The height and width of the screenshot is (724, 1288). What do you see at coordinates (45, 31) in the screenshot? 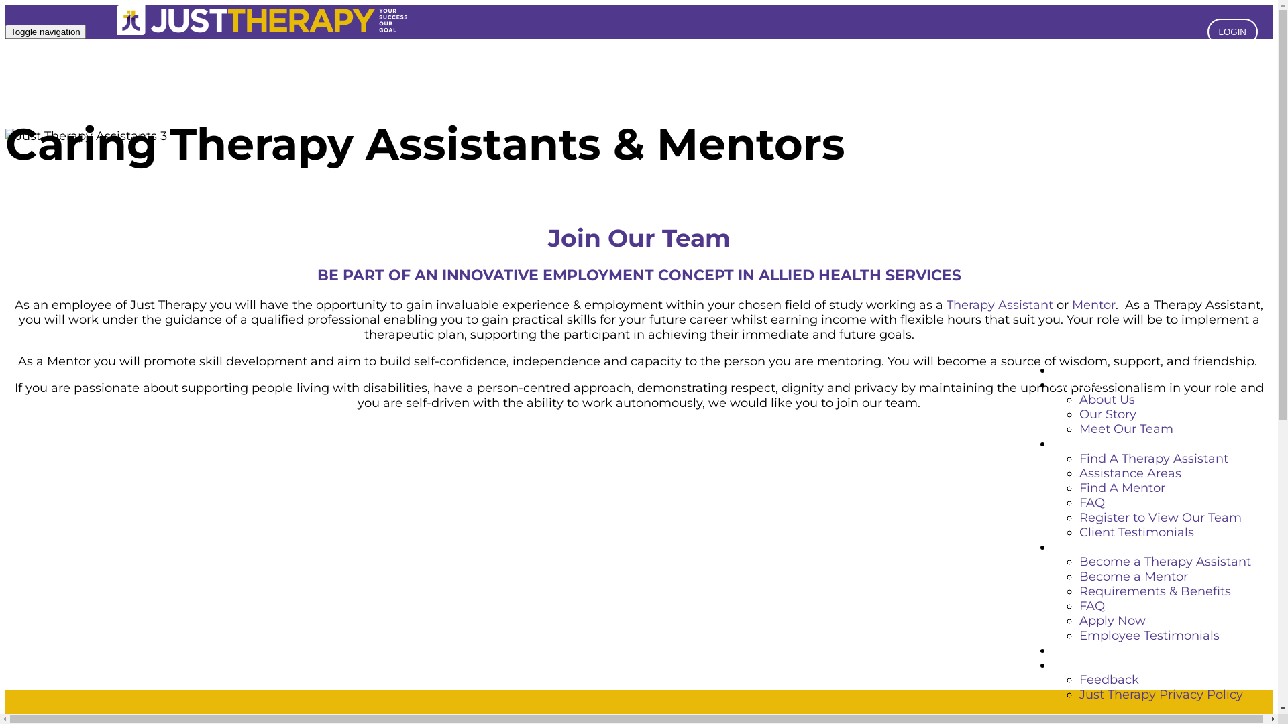
I see `'Toggle navigation'` at bounding box center [45, 31].